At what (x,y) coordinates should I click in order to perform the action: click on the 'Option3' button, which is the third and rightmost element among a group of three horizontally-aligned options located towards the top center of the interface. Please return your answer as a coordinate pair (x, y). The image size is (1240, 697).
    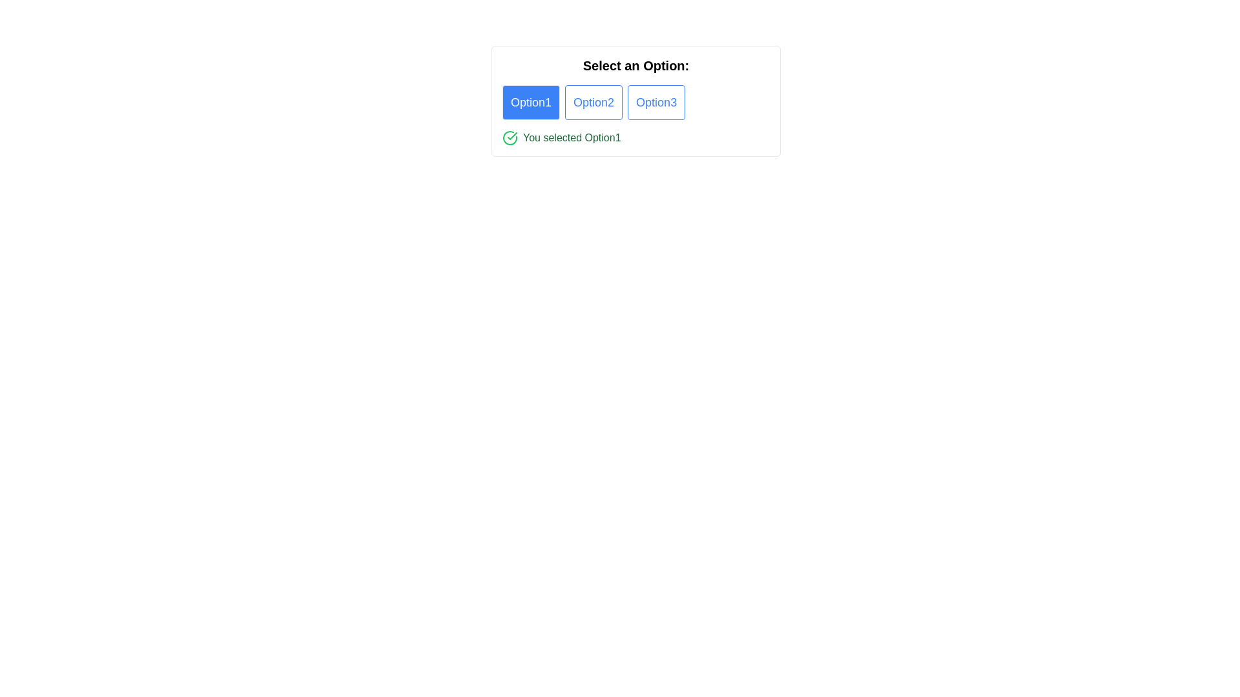
    Looking at the image, I should click on (656, 101).